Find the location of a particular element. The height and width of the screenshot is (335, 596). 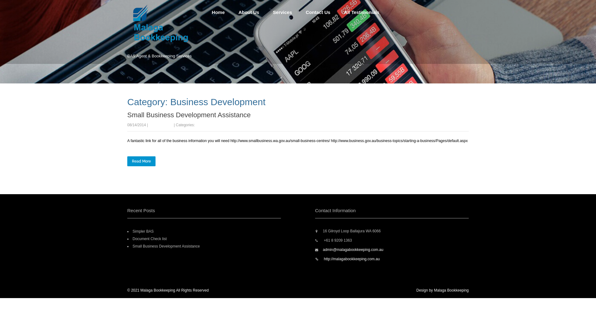

'No Comments' is located at coordinates (161, 125).